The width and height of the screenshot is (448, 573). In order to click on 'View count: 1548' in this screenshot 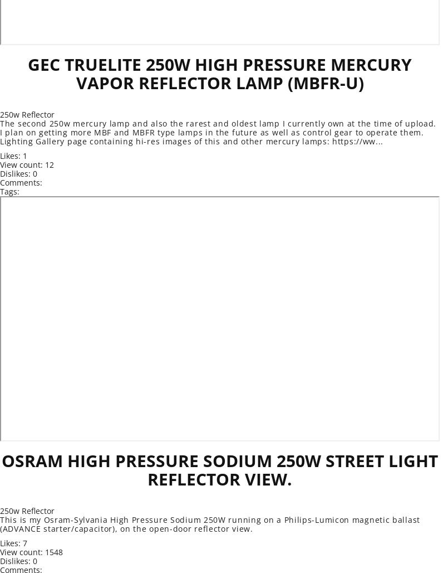, I will do `click(31, 551)`.